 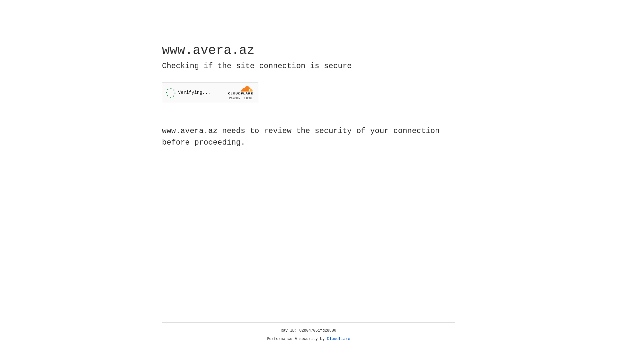 What do you see at coordinates (338, 339) in the screenshot?
I see `'Cloudflare'` at bounding box center [338, 339].